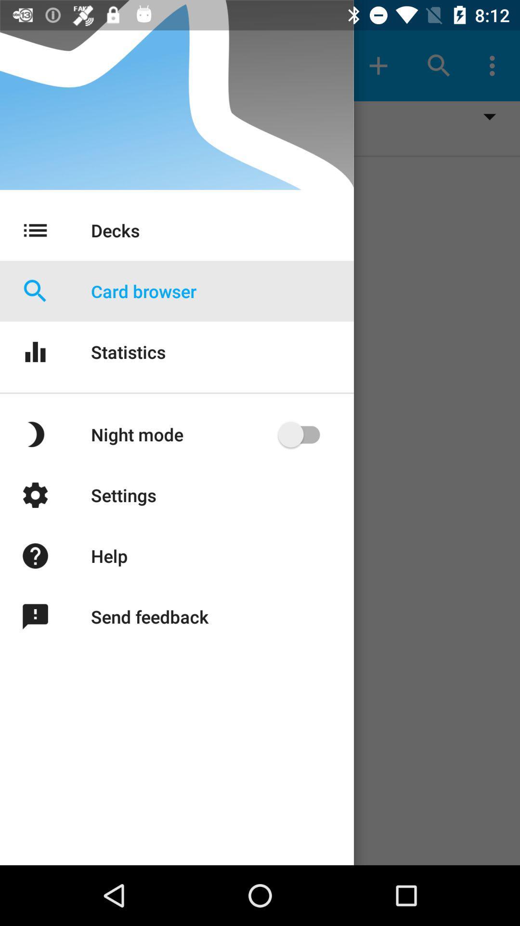 The image size is (520, 926). I want to click on the search icon at top right of the page, so click(439, 66).